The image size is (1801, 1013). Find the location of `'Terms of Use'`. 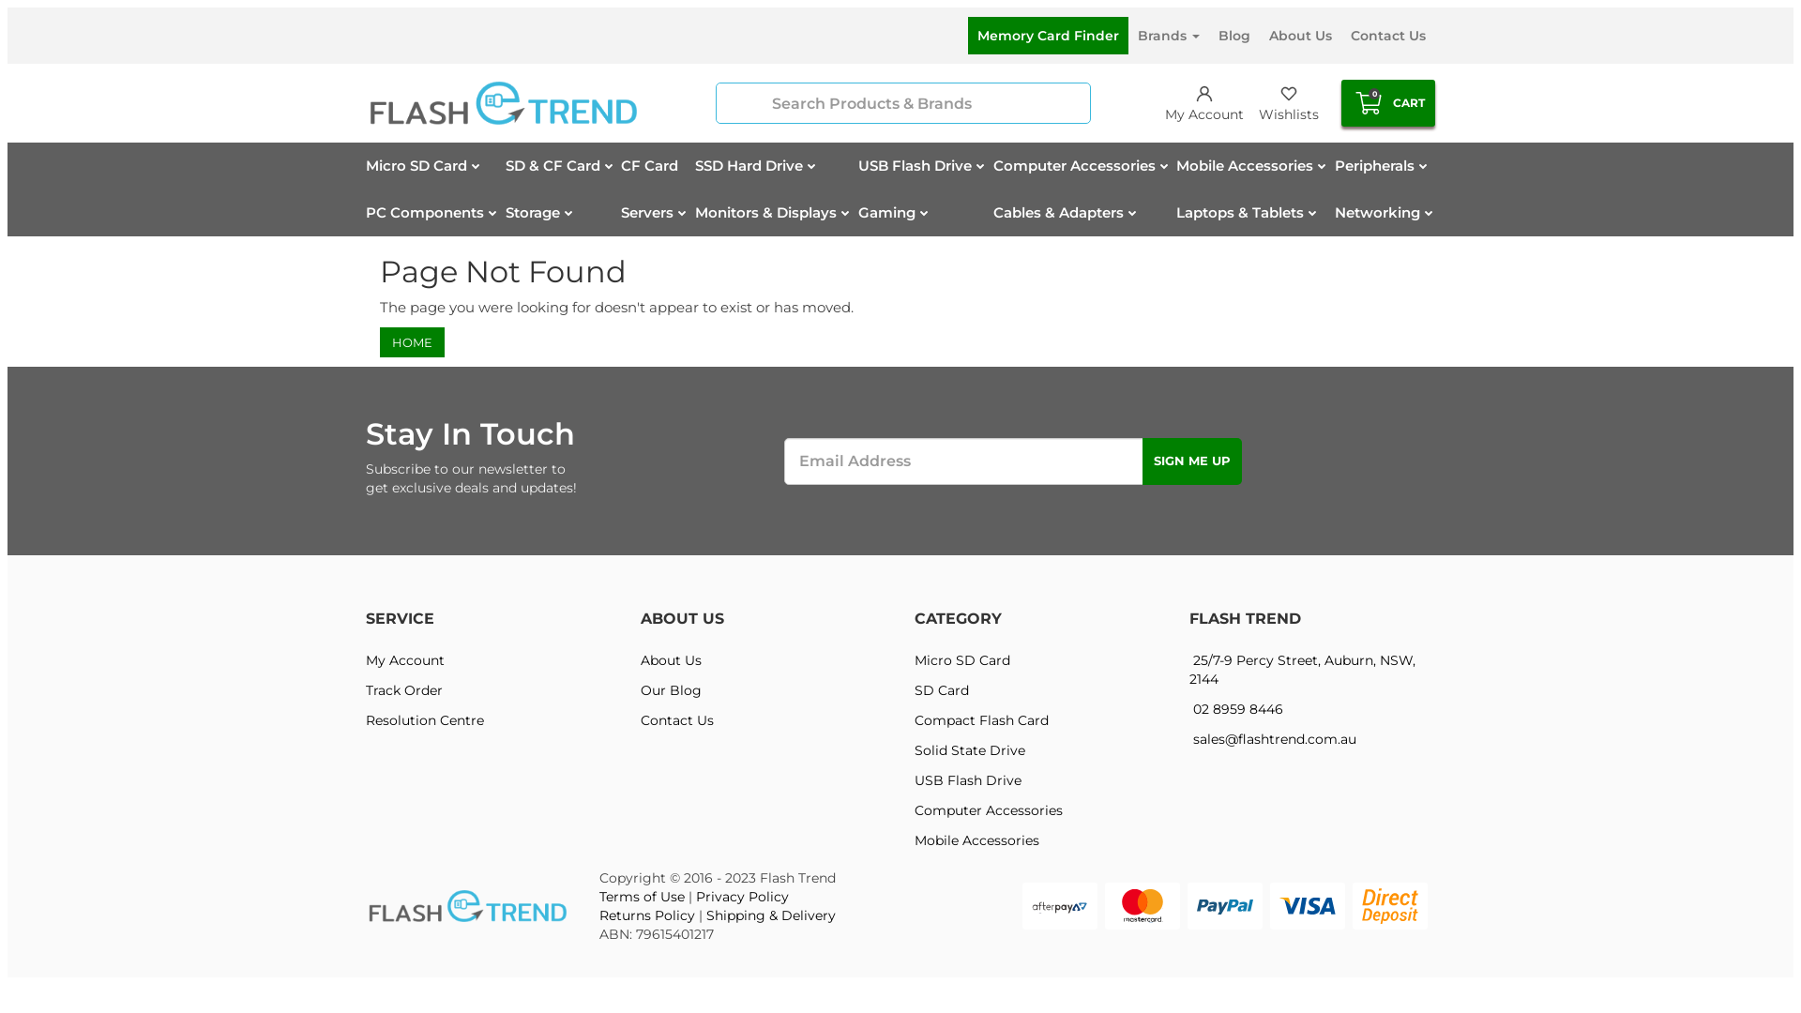

'Terms of Use' is located at coordinates (642, 896).